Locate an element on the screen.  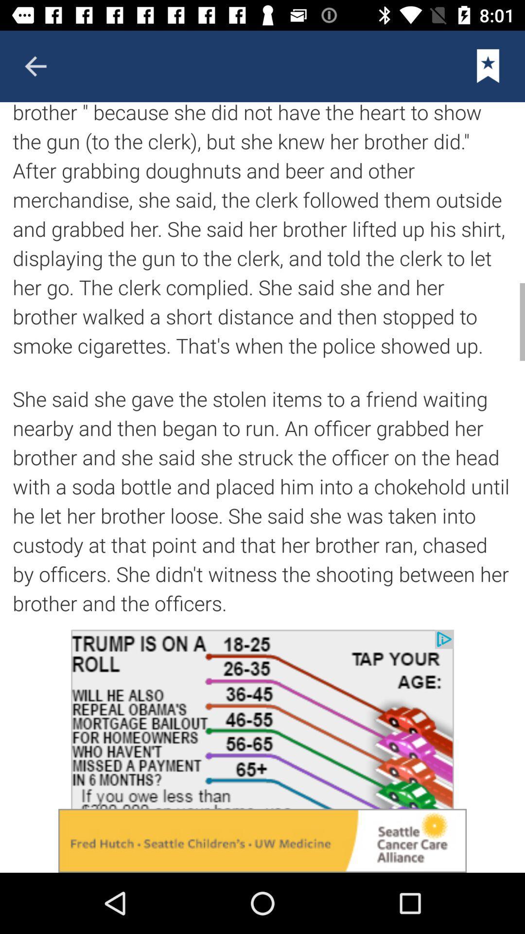
the arrow_backward icon is located at coordinates (35, 66).